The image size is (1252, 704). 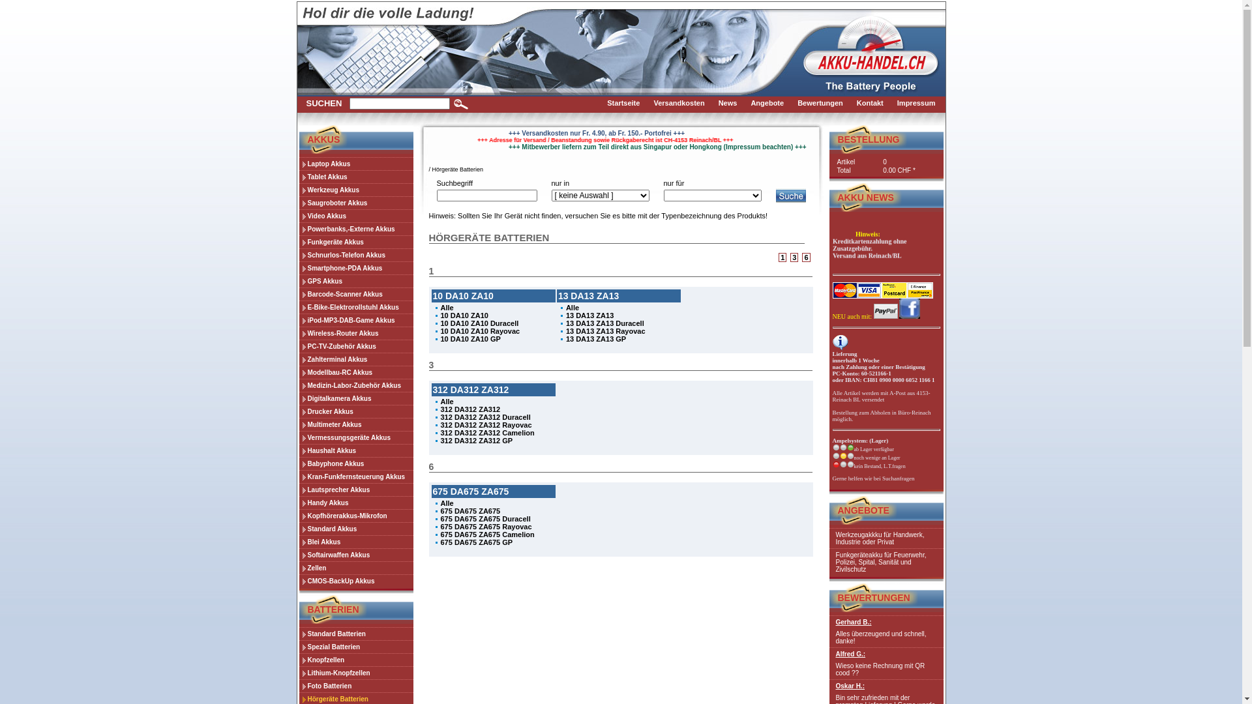 I want to click on 'Handy Akkus', so click(x=297, y=502).